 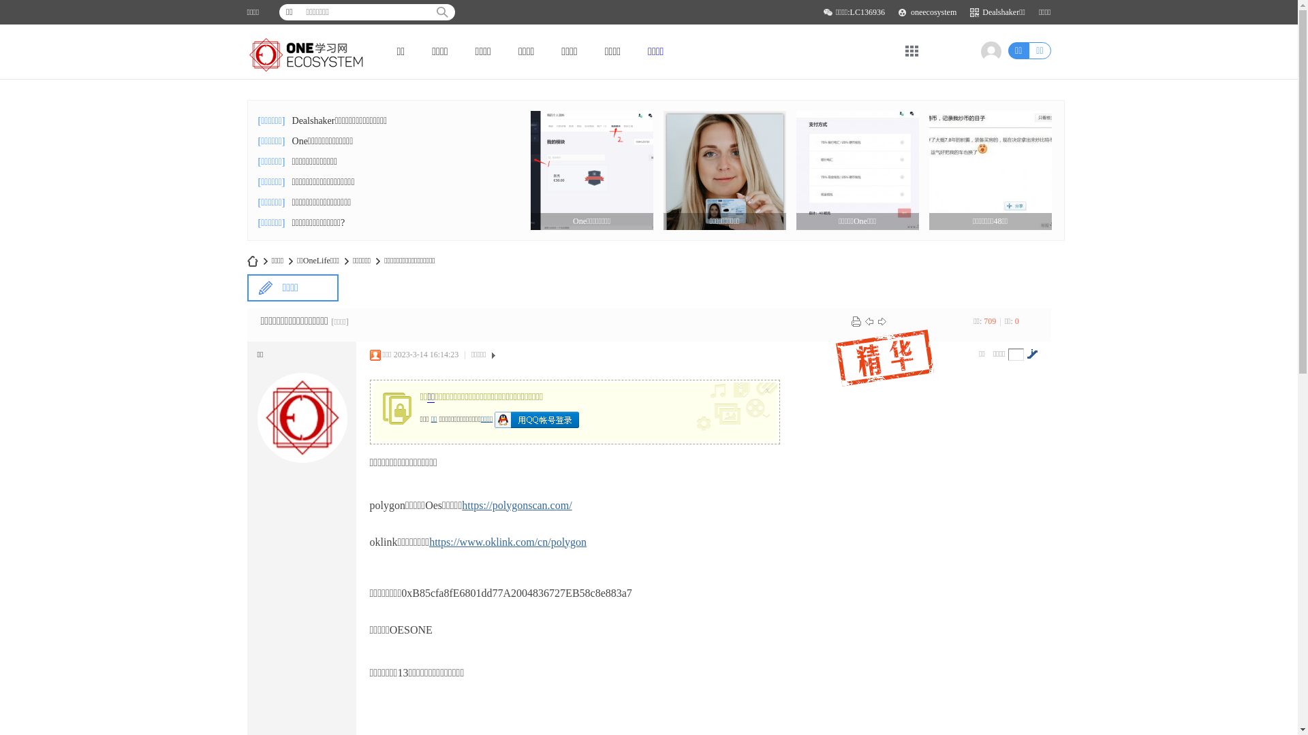 I want to click on 'oneecosystem', so click(x=933, y=12).